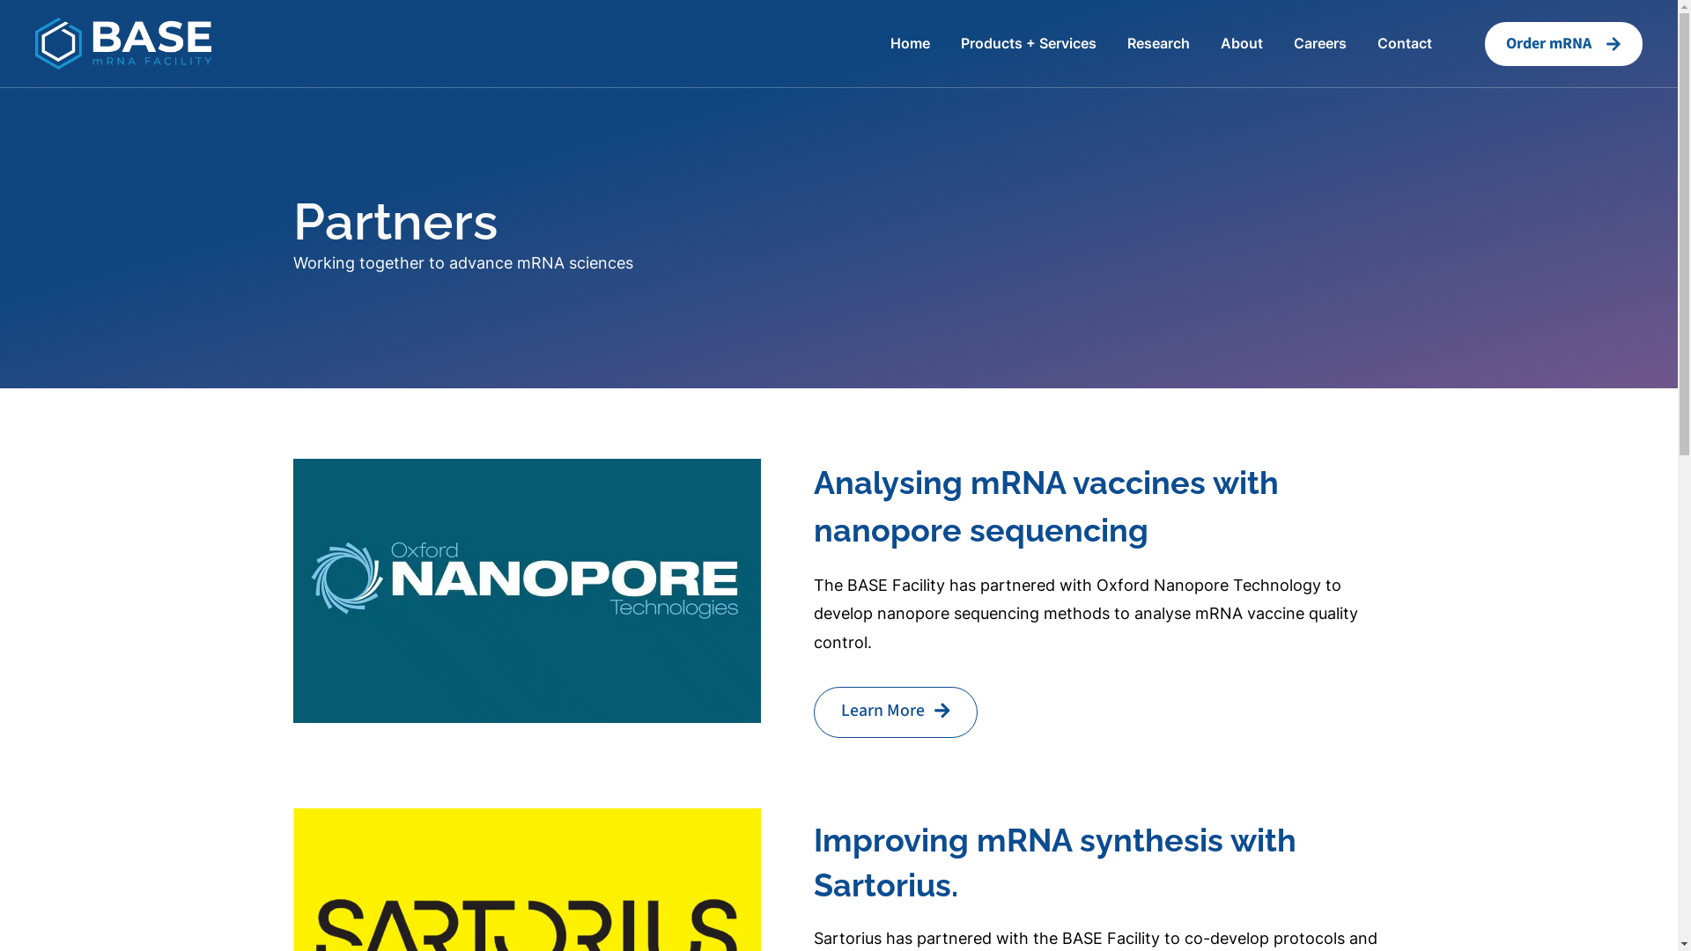 This screenshot has height=951, width=1691. I want to click on 'Home', so click(910, 42).